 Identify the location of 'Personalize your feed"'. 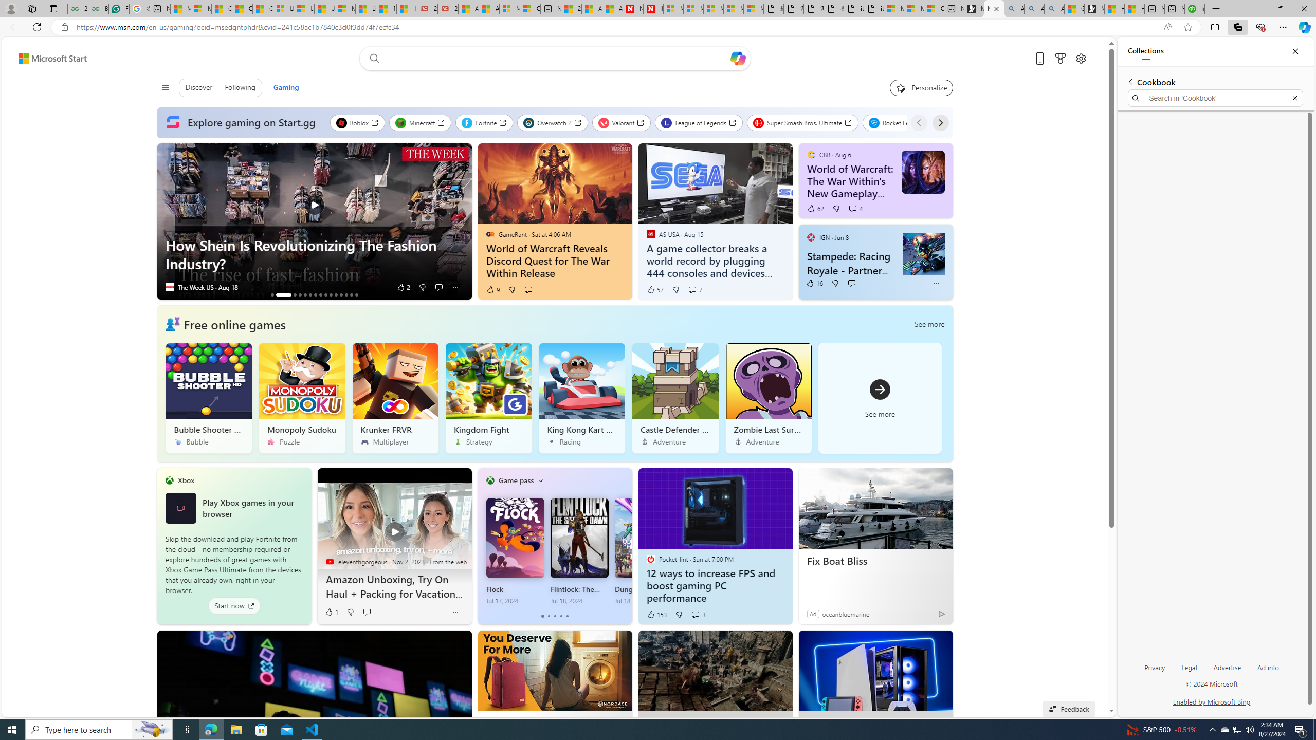
(921, 88).